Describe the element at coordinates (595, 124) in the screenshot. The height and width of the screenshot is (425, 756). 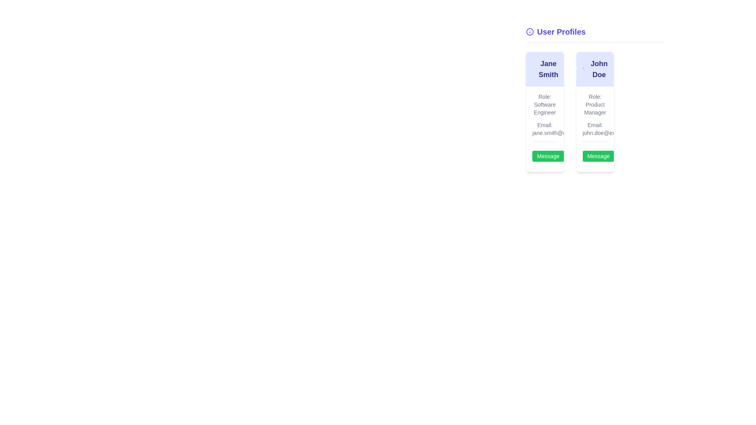
I see `the label text identifying the email field in the profile card of 'John Doe'` at that location.